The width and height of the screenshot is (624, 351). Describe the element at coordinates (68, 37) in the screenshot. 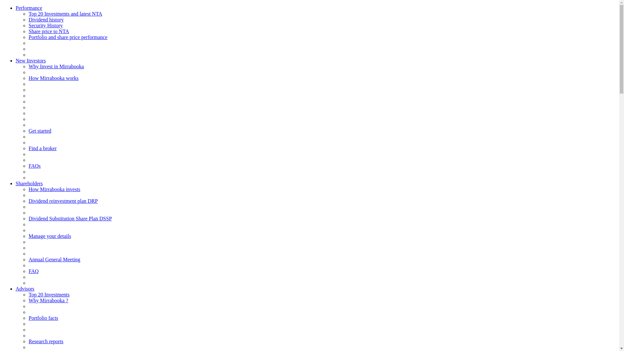

I see `'Portfolio and share price performance'` at that location.